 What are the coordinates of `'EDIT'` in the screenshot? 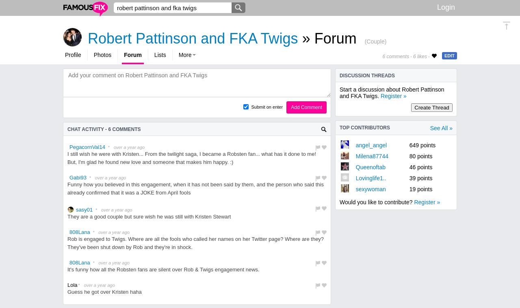 It's located at (449, 55).